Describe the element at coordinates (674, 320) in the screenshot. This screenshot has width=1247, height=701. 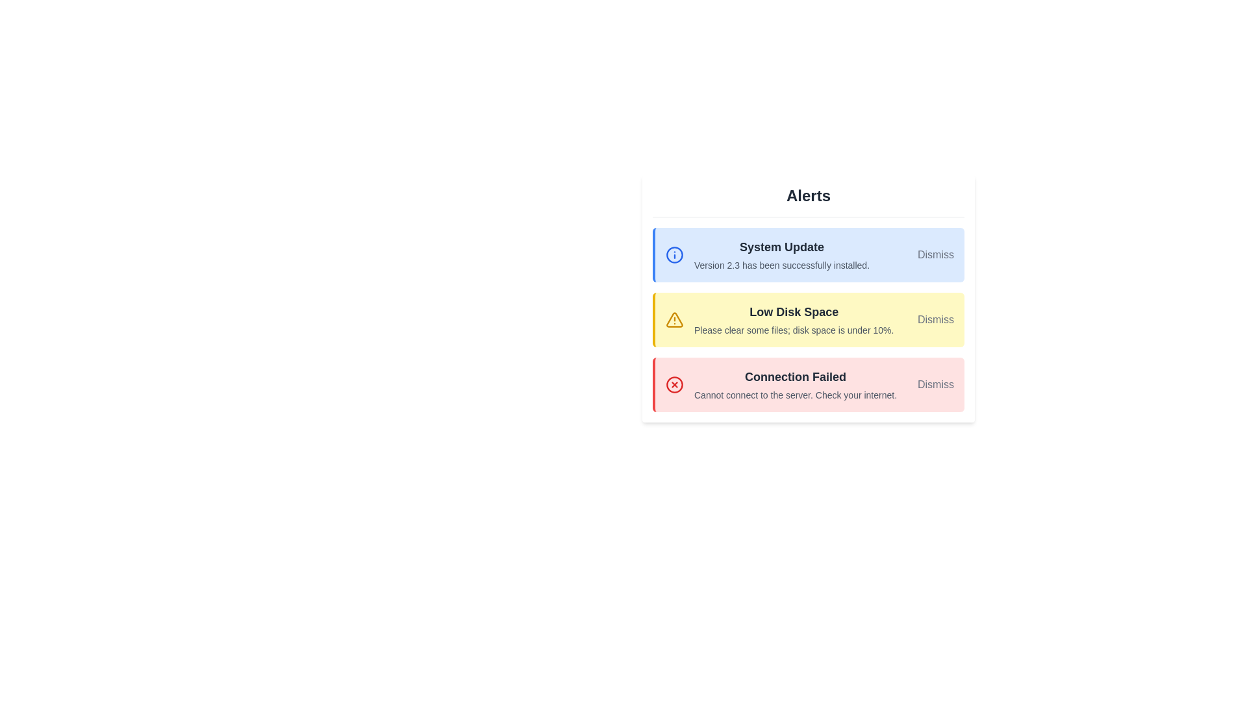
I see `the warning icon shaped like a triangle with rounded corners and a yellow border, which is located in the 'Low Disk Space' alert card, positioned to the left of the title 'Low Disk Space'` at that location.